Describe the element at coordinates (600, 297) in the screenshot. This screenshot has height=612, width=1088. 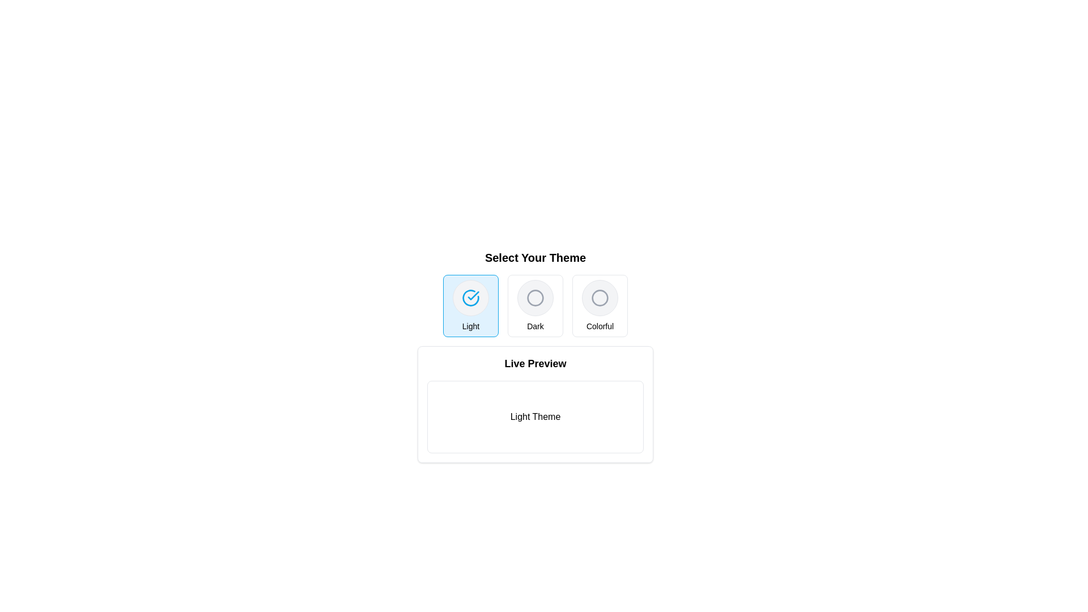
I see `the circular graphical component with a grayish background and concentric circles, which is the centerpiece of the 'Colorful' theme selection option in the 'Select Your Theme' interface` at that location.